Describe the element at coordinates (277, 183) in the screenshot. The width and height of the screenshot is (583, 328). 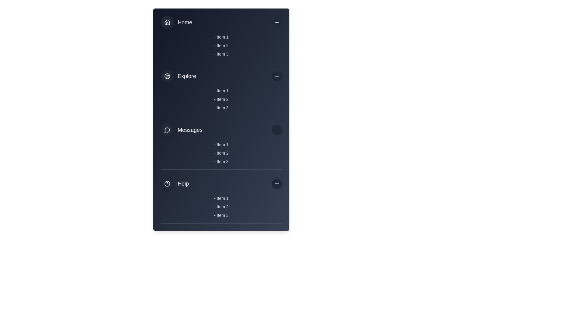
I see `the circular button with a dark gray background and a white minus icon in the center` at that location.